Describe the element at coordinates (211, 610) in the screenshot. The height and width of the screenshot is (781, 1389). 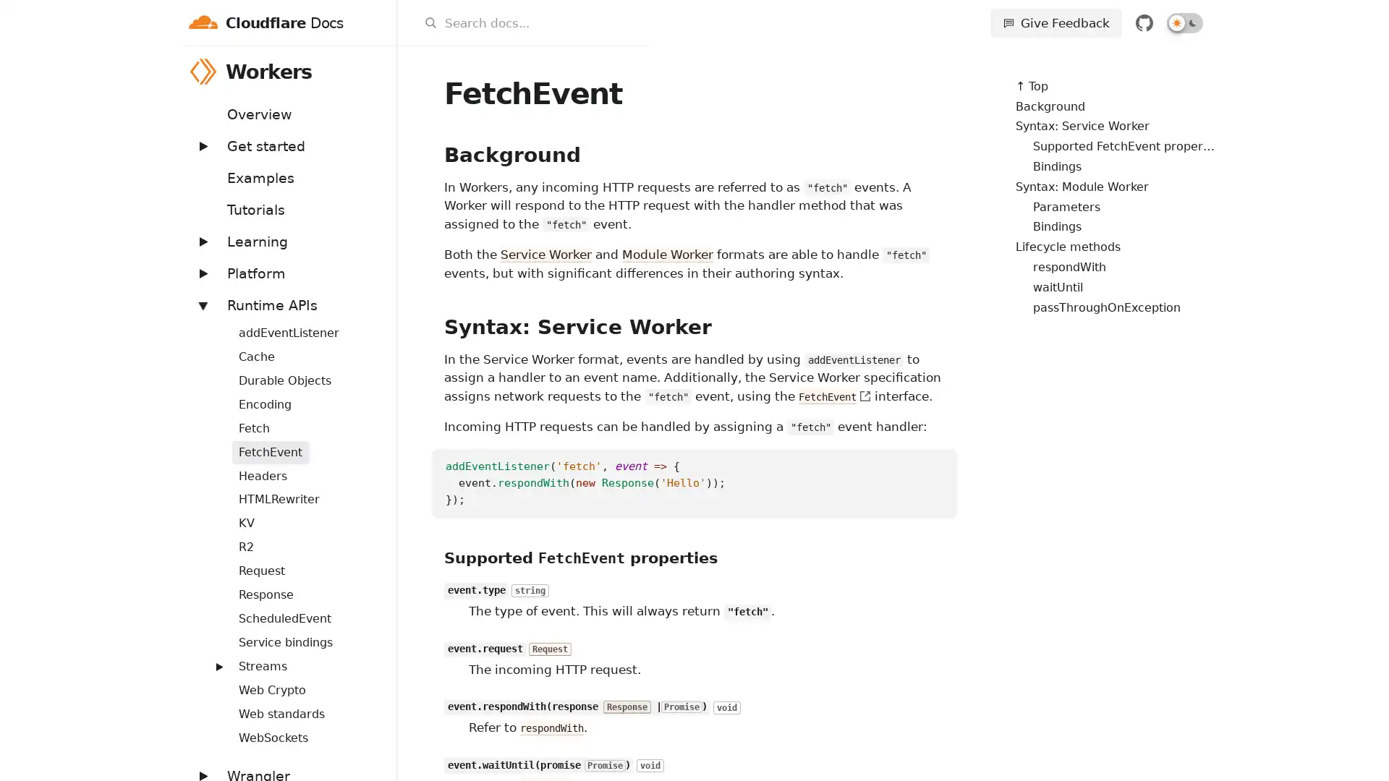
I see `Expand: Routing` at that location.